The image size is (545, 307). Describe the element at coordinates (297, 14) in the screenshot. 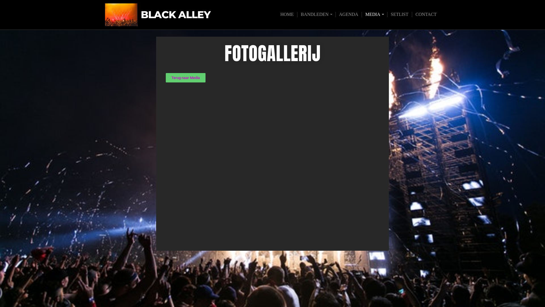

I see `'BANDLEDEN'` at that location.